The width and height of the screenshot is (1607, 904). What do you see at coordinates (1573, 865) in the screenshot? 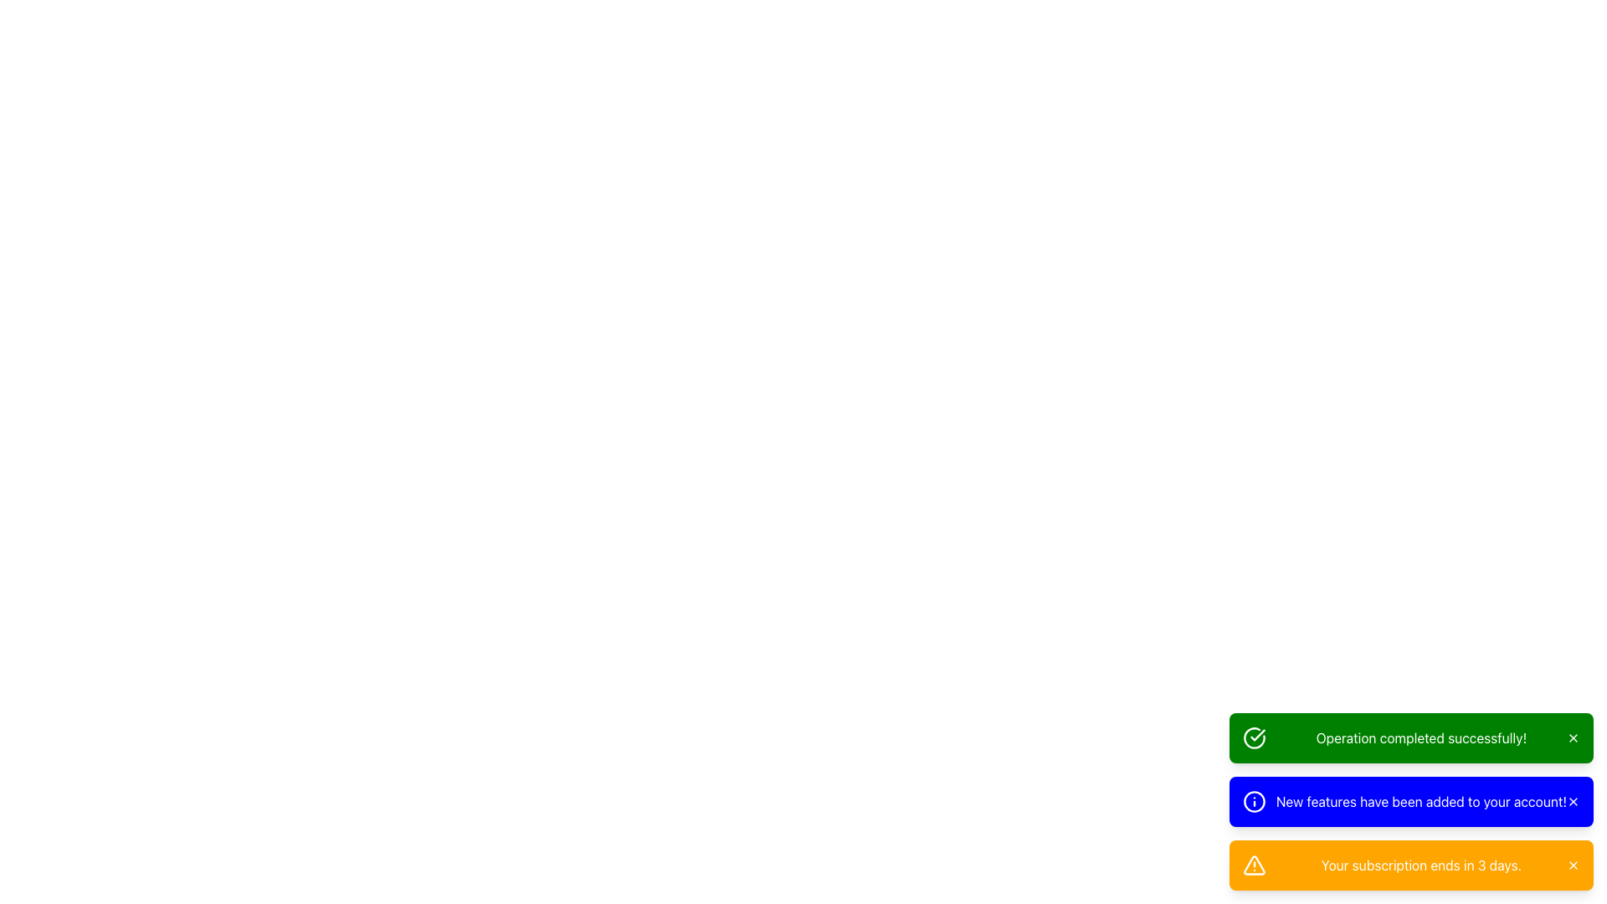
I see `the close button with an 'X' symbol located in the top-right corner of the notification box that has an orange background and displays the text 'Your subscription ends in 3 days.'` at bounding box center [1573, 865].